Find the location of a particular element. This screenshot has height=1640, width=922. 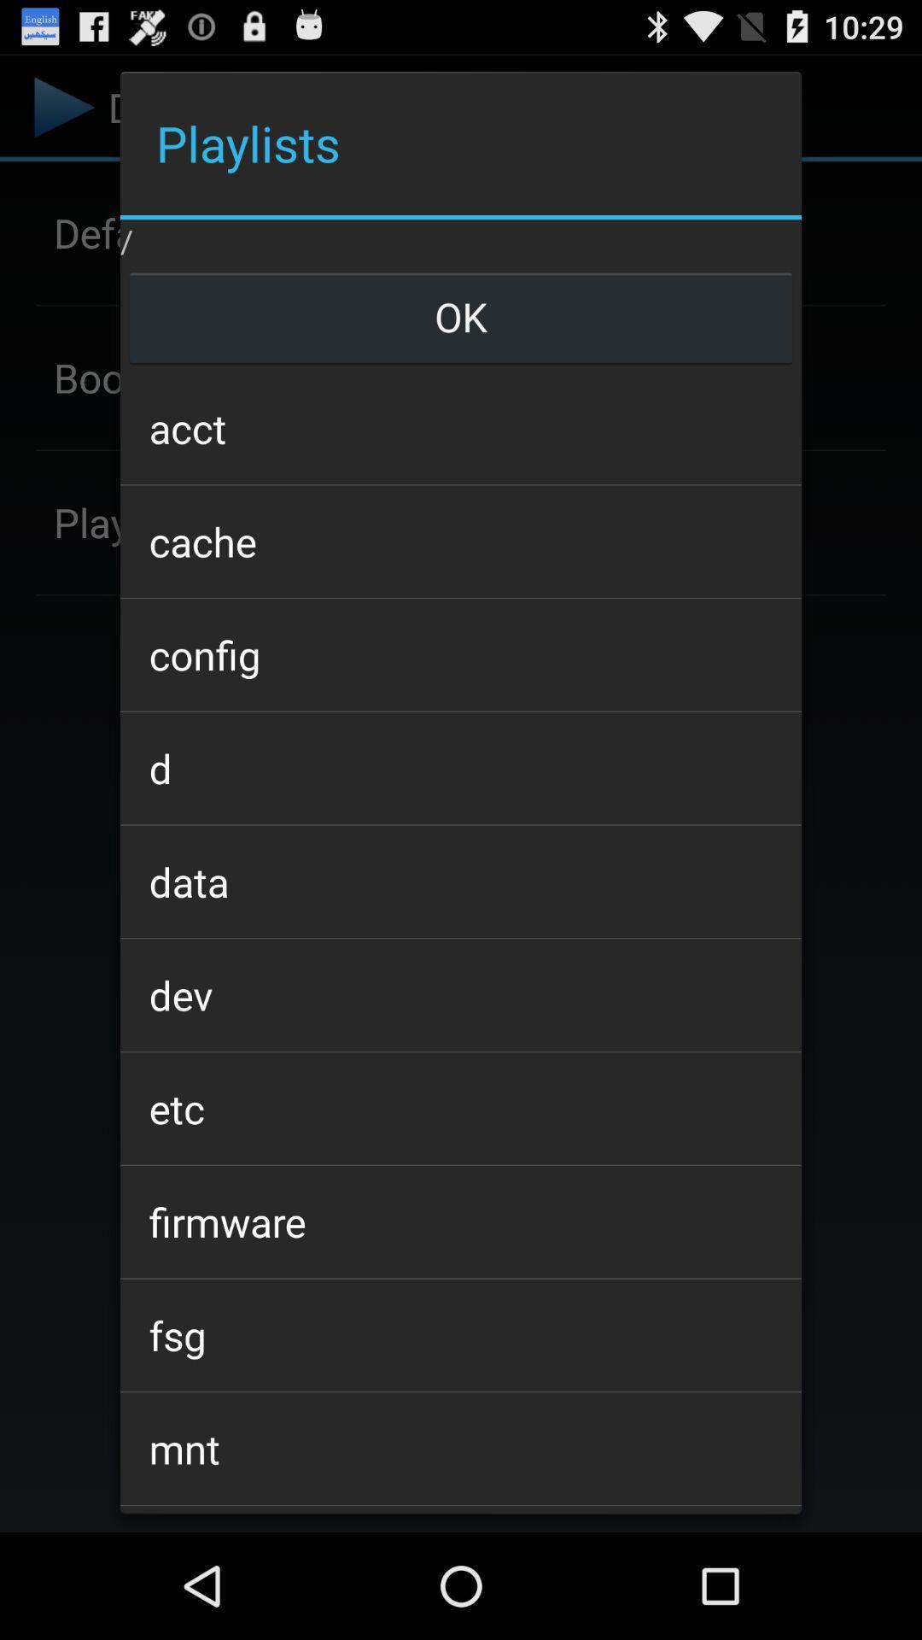

the cache icon is located at coordinates (461, 541).